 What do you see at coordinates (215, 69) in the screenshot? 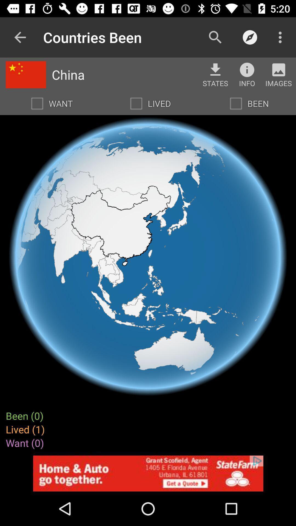
I see `download option` at bounding box center [215, 69].